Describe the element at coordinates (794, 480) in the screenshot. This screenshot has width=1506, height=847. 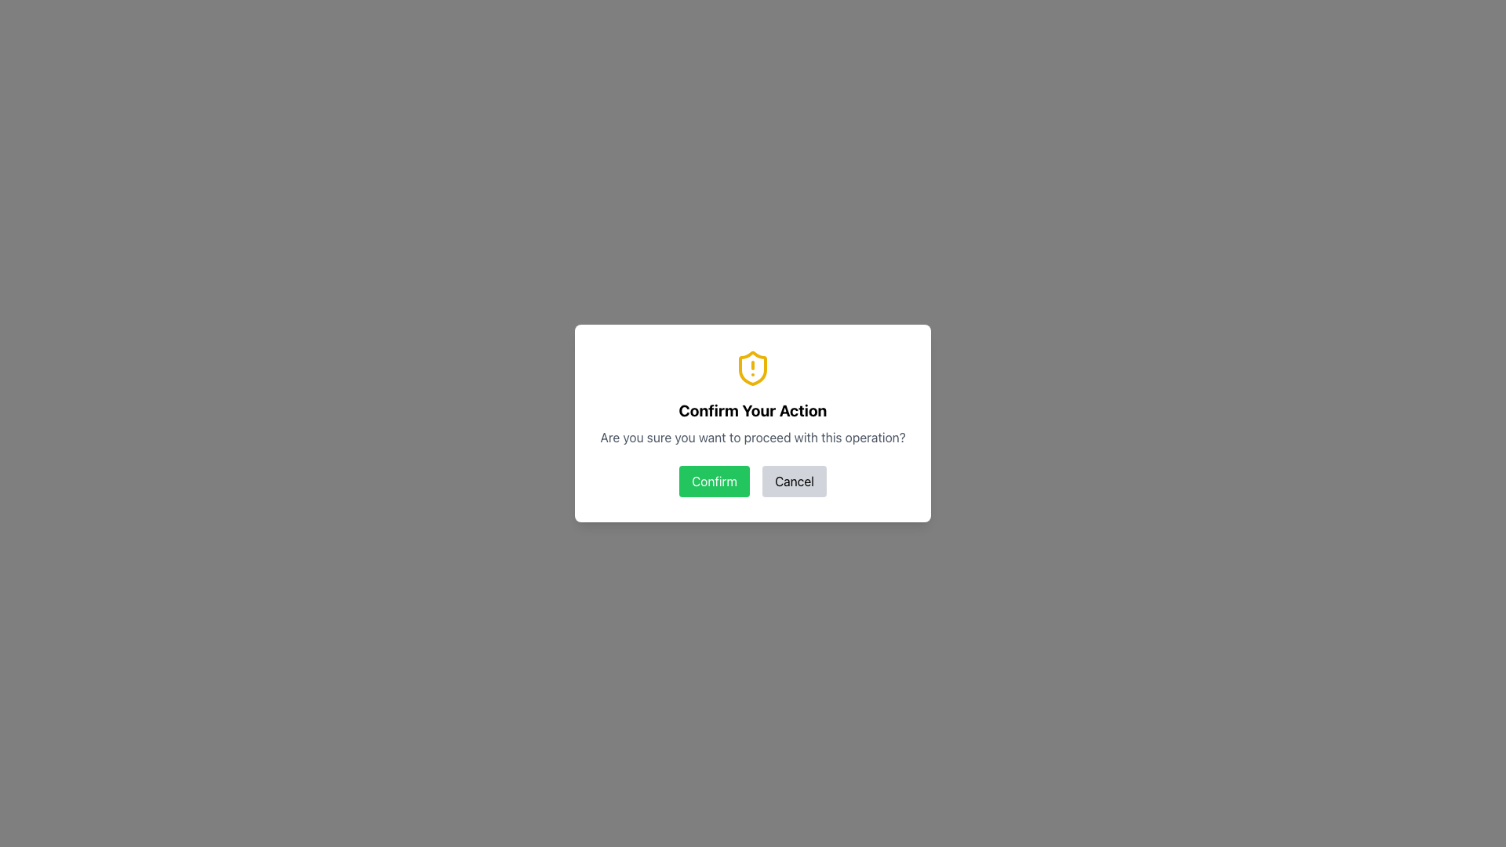
I see `the 'Cancel' button with light gray background and black text to observe visual feedback` at that location.